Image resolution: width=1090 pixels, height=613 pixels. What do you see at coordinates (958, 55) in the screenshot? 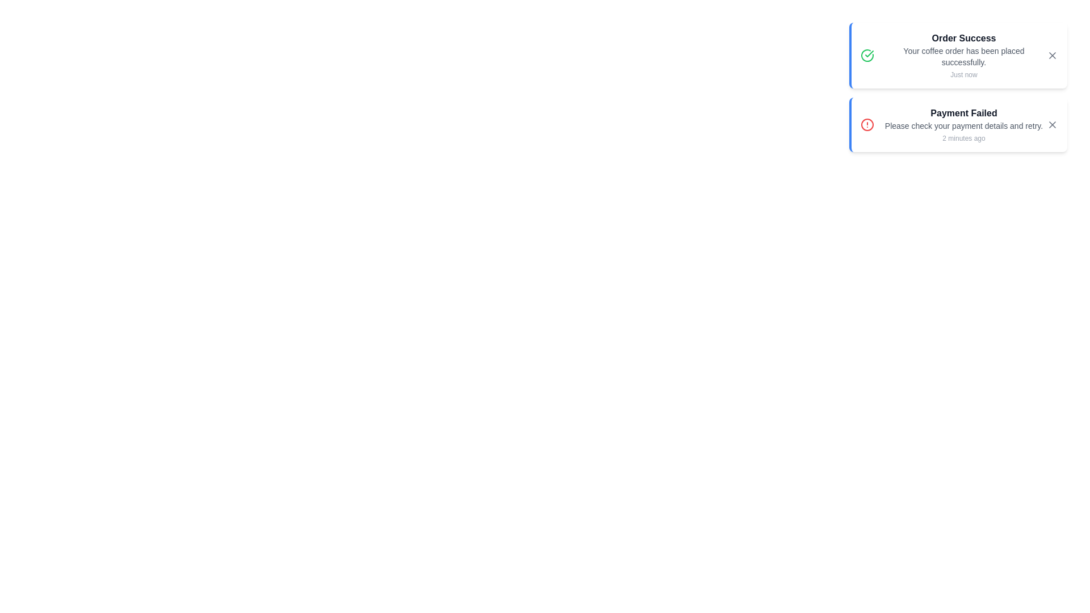
I see `the notification item Order Success` at bounding box center [958, 55].